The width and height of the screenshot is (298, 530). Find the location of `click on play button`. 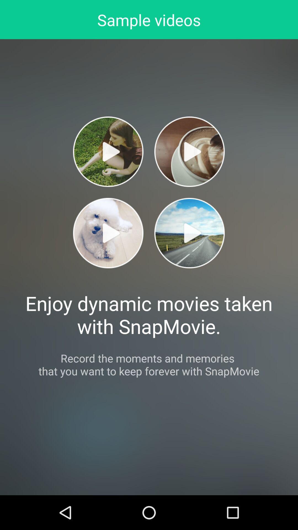

click on play button is located at coordinates (108, 152).